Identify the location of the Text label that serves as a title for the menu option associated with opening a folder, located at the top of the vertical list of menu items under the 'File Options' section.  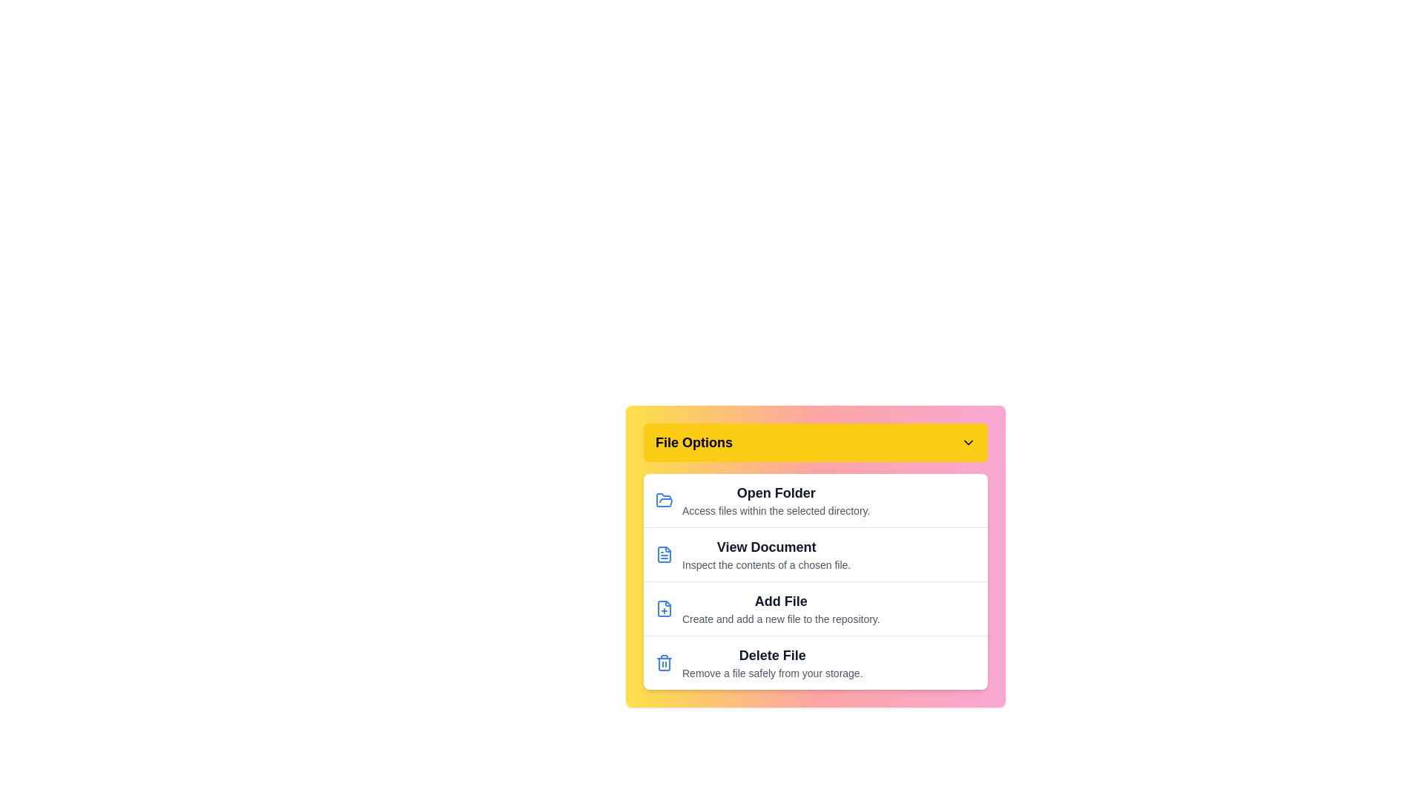
(775, 492).